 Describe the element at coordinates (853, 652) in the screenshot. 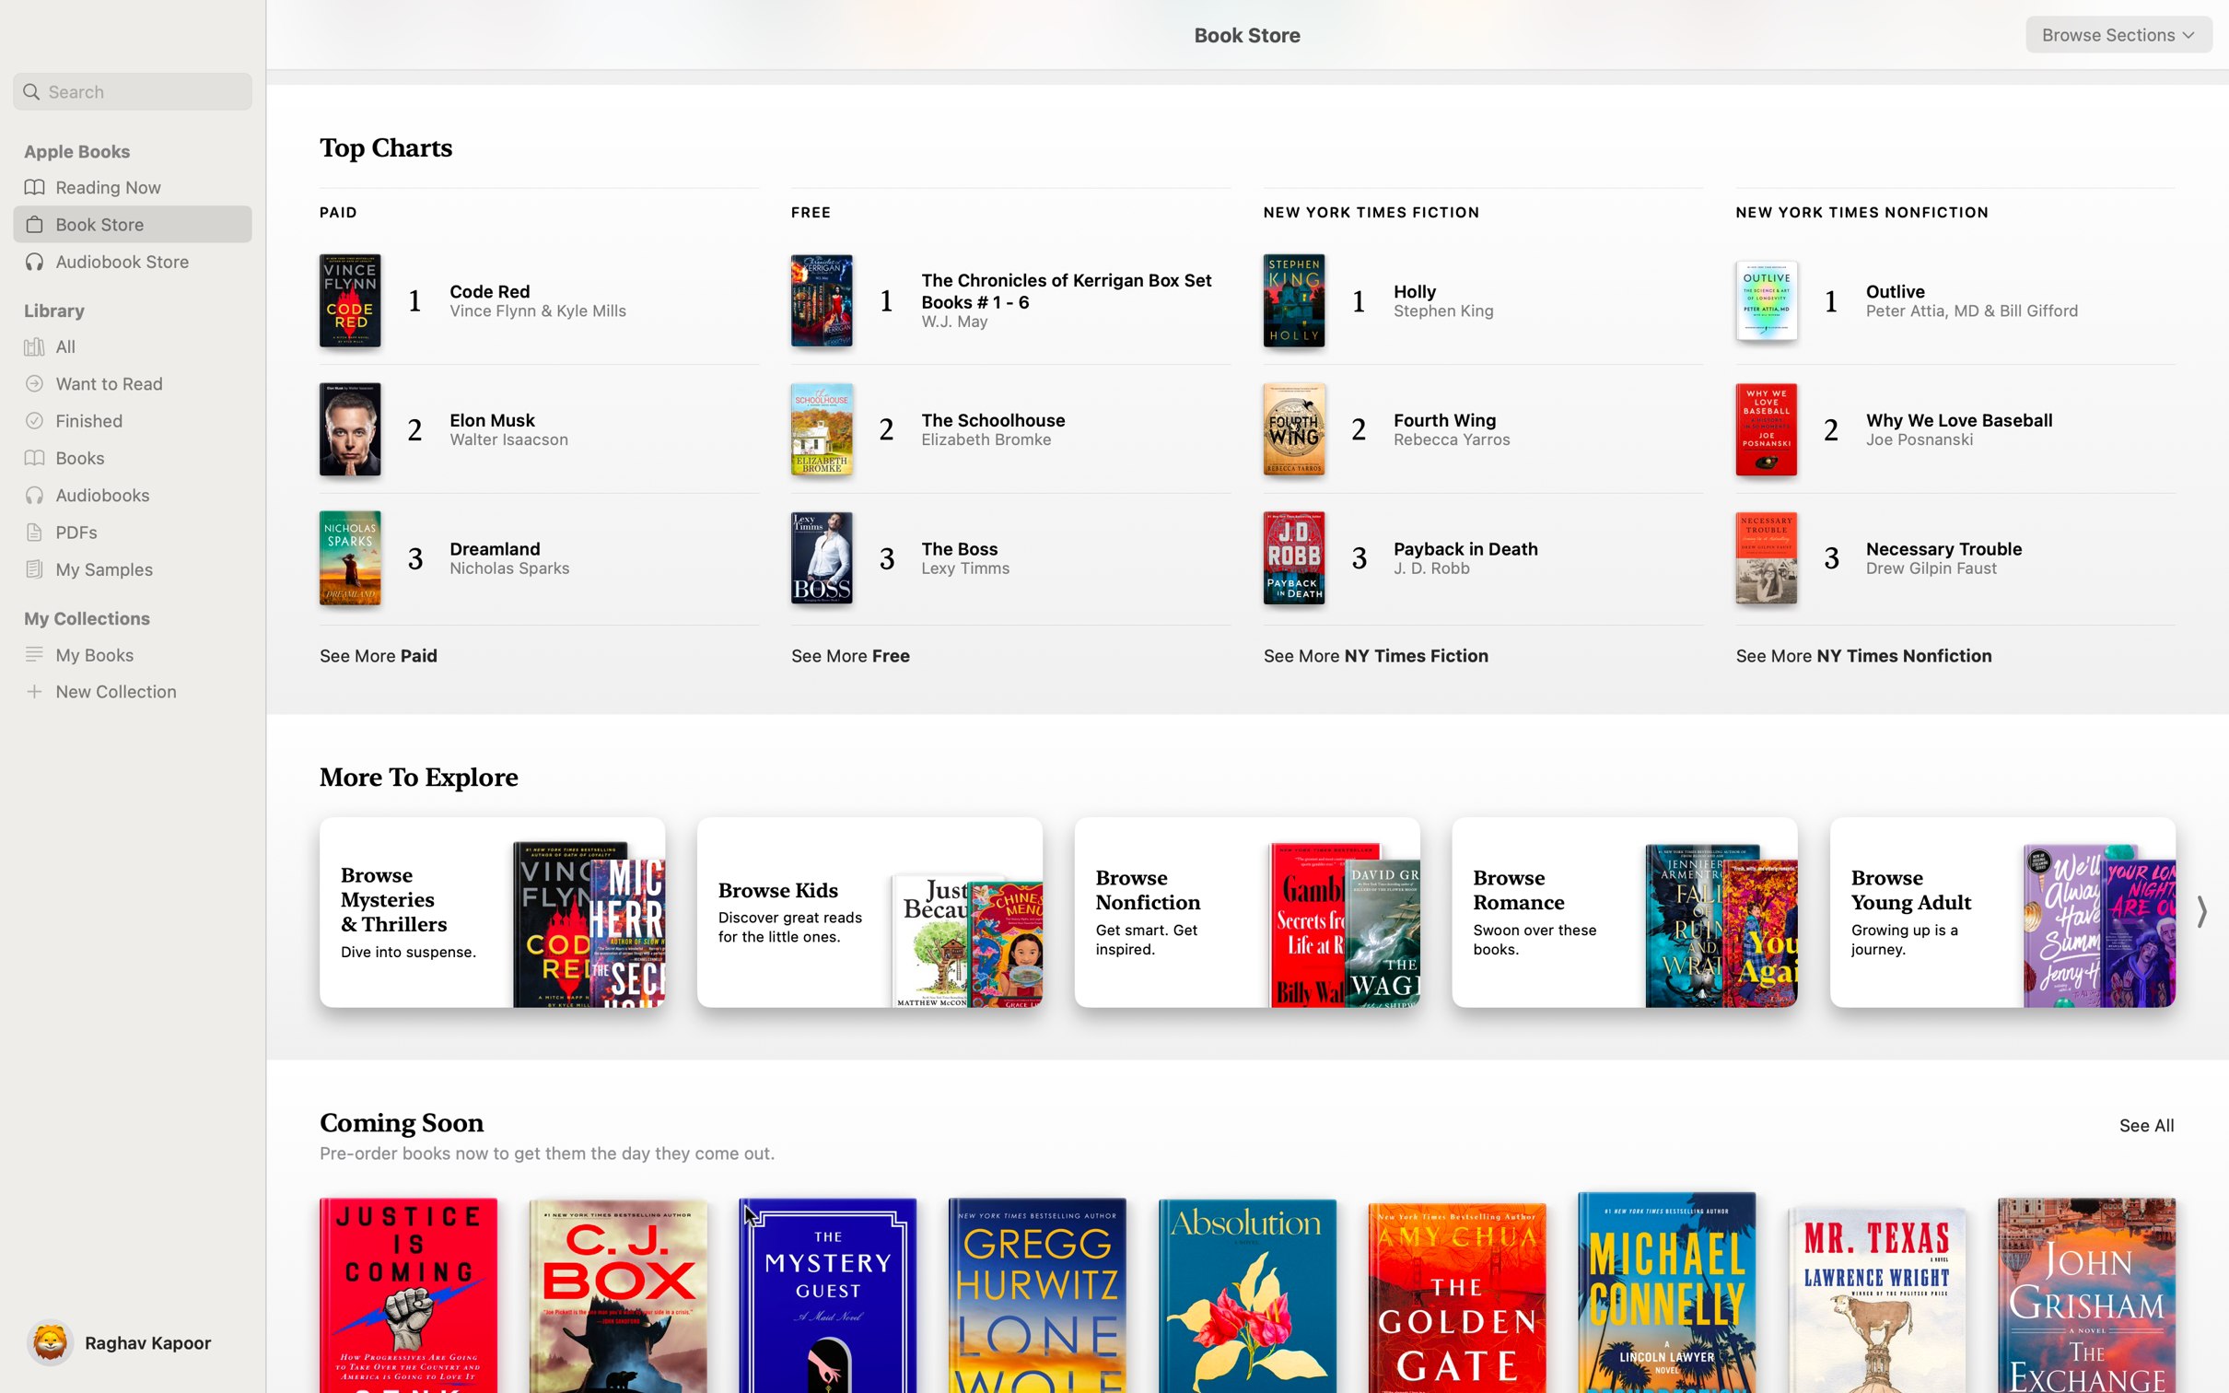

I see `Explore the entire list of no-cost books in top charts` at that location.